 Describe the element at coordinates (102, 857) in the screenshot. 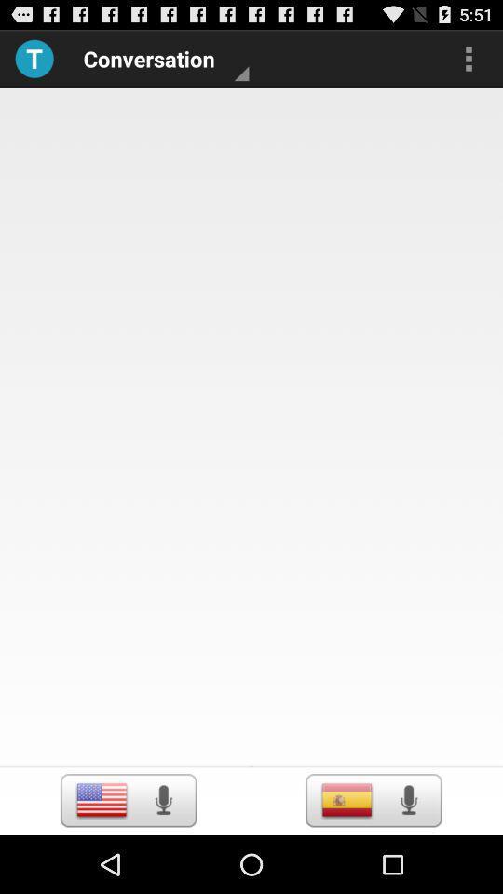

I see `the national_flag icon` at that location.